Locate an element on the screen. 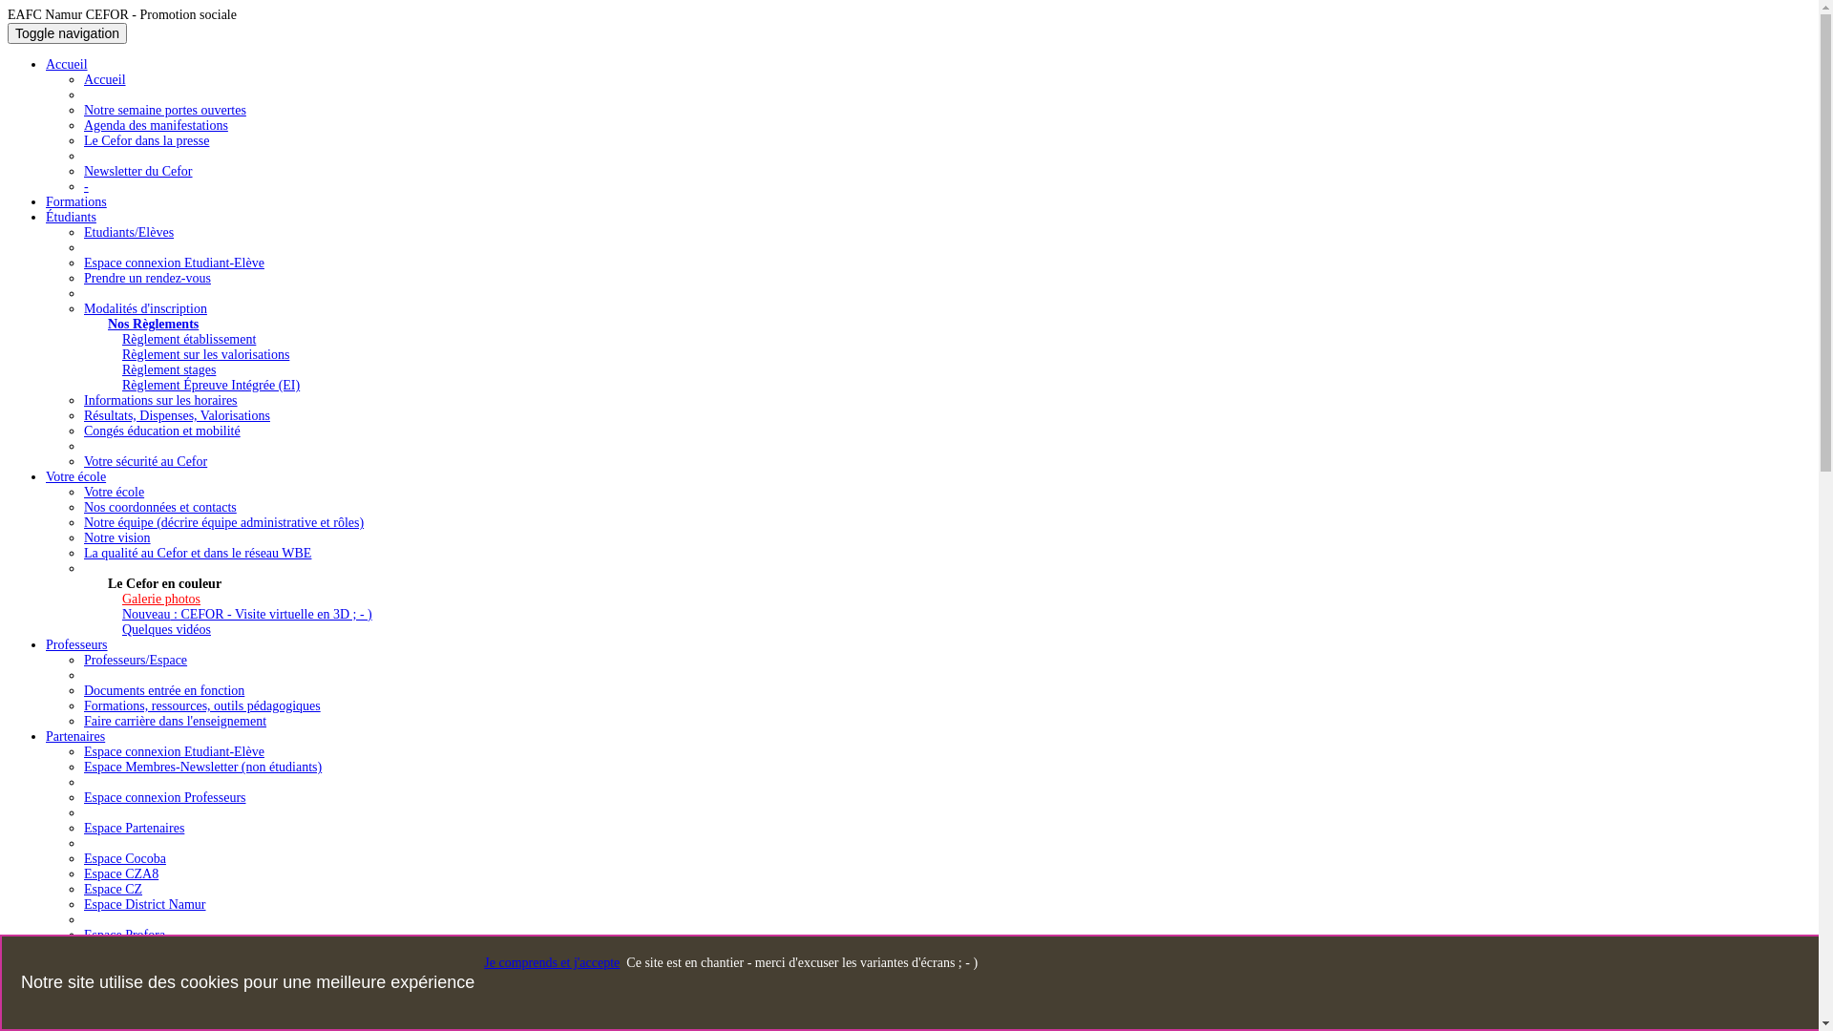 The image size is (1833, 1031). 'Notre semaine portes ouvertes' is located at coordinates (164, 110).